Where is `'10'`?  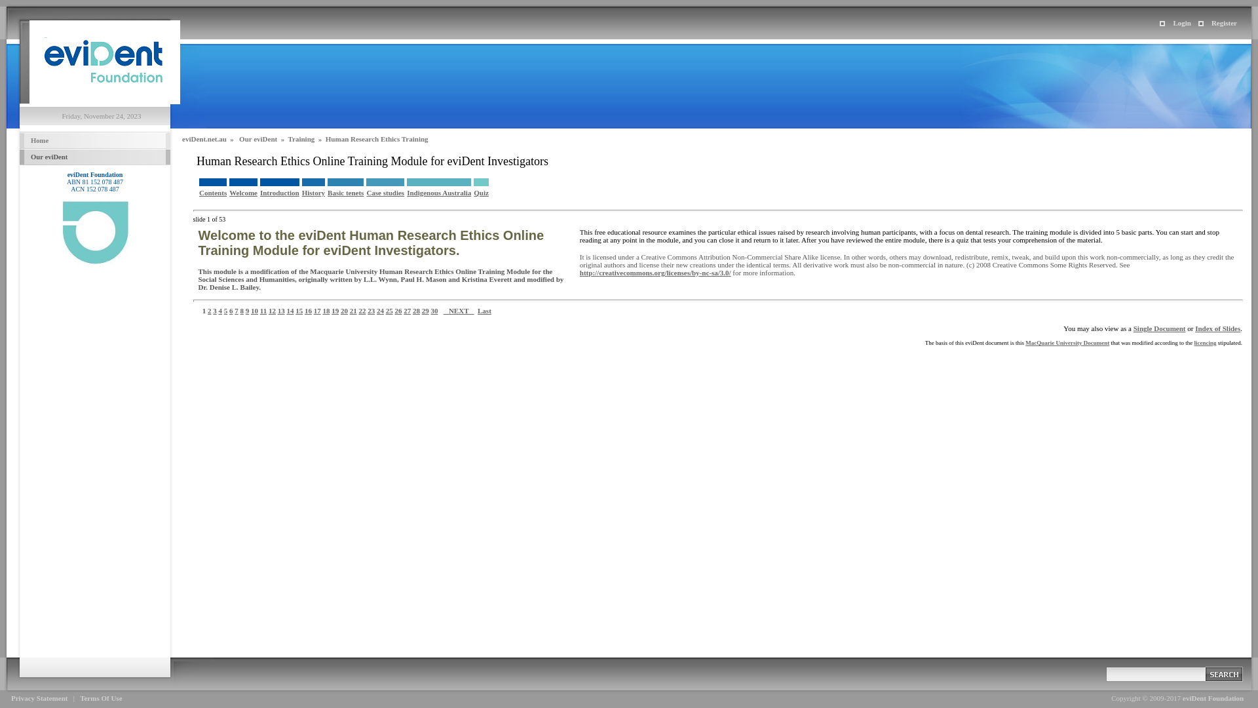 '10' is located at coordinates (251, 311).